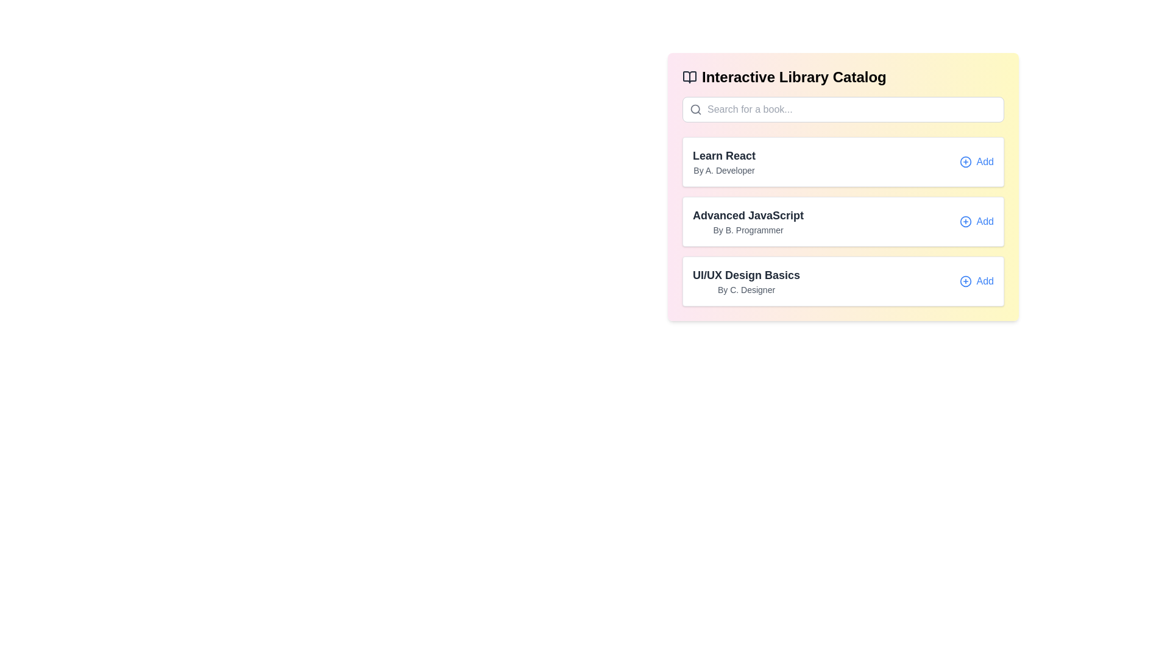 Image resolution: width=1170 pixels, height=658 pixels. I want to click on the text label displaying 'By A. Developer', located below the title 'Learn React' in the first book card of the library catalog, so click(724, 171).